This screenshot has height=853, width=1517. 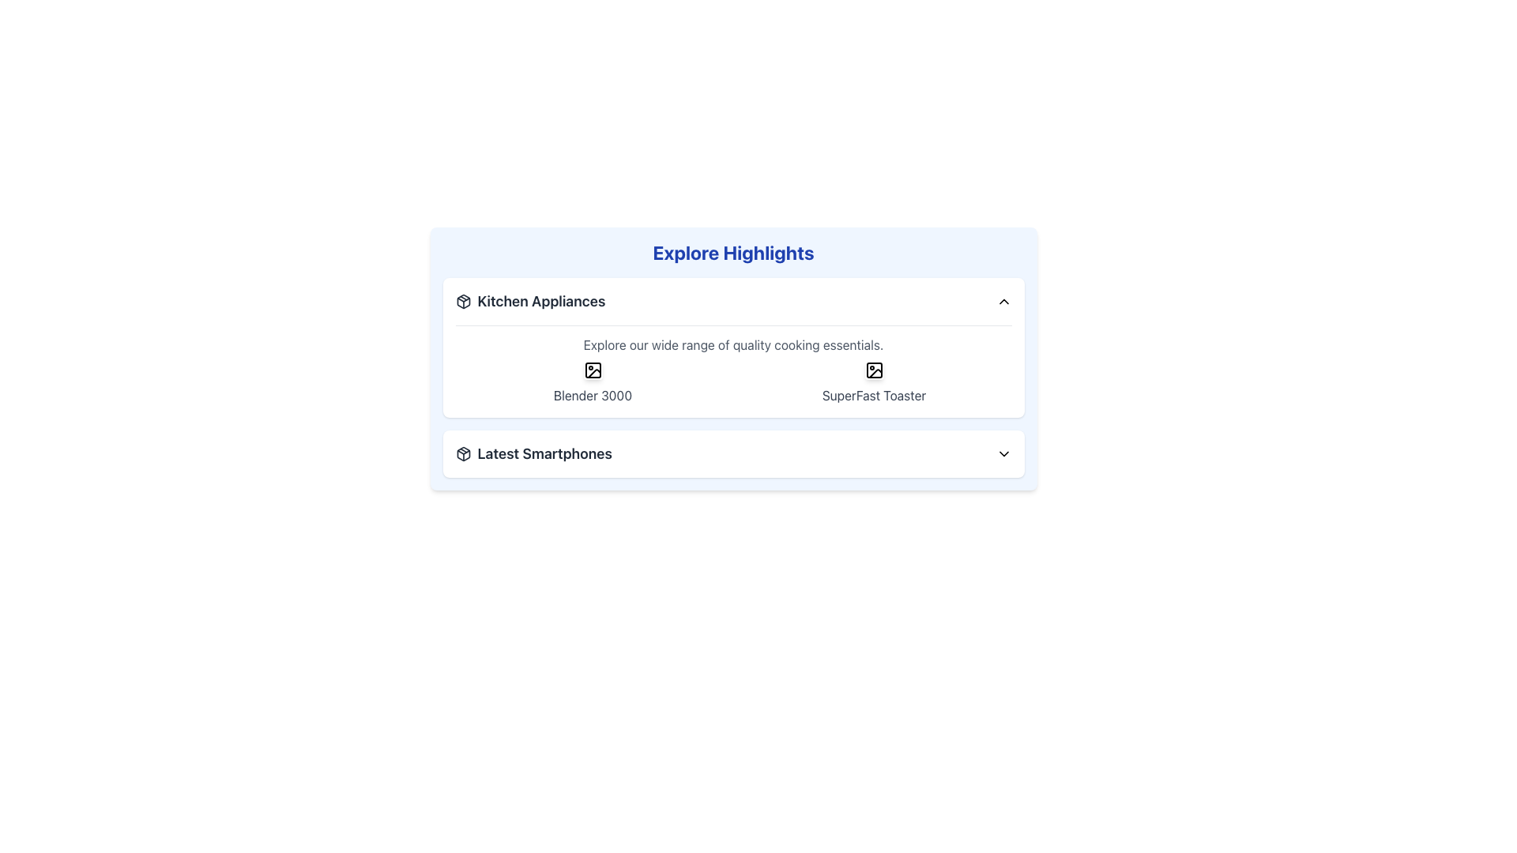 I want to click on the 'SuperFast Toaster' showcase item in the 'Kitchen Appliances' section, so click(x=873, y=383).